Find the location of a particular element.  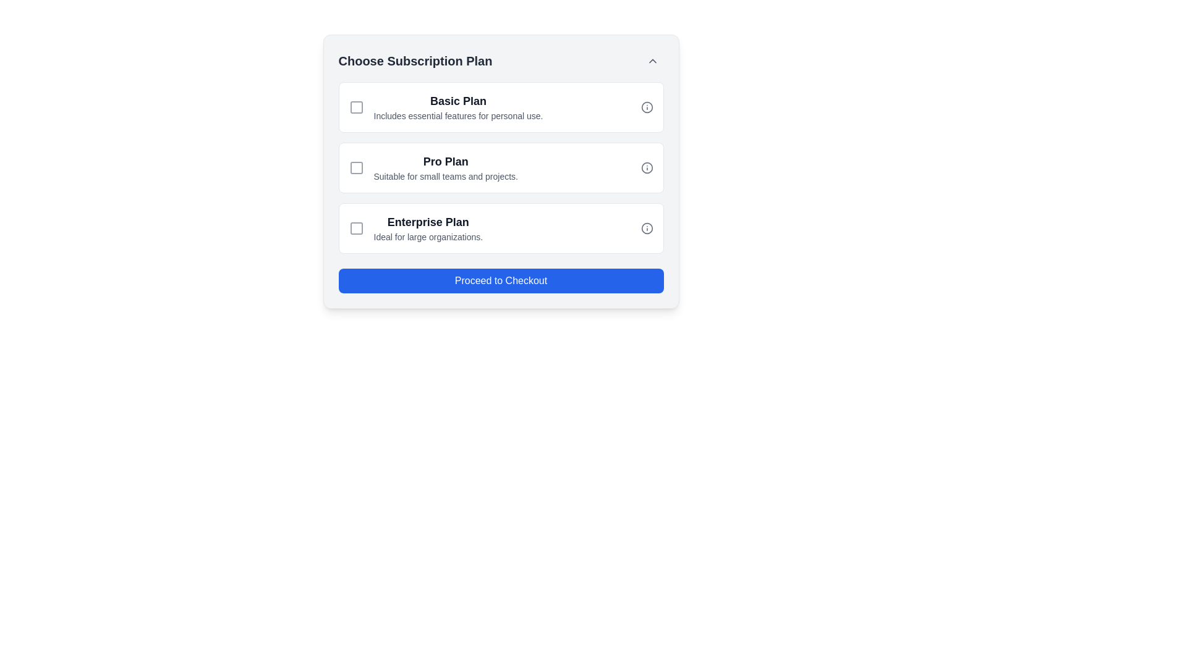

the Checkbox decoration (rounded square) for the 'Enterprise Plan' subscription option, located in the bottom part of the subscription options list is located at coordinates (355, 229).